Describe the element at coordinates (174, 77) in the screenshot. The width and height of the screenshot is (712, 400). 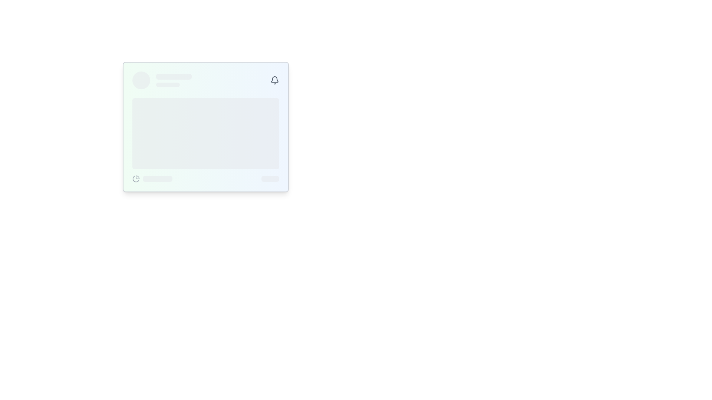
I see `the loading indicator, which is a light gray rectangular bar with rounded edges, positioned at the top-center of the interface` at that location.